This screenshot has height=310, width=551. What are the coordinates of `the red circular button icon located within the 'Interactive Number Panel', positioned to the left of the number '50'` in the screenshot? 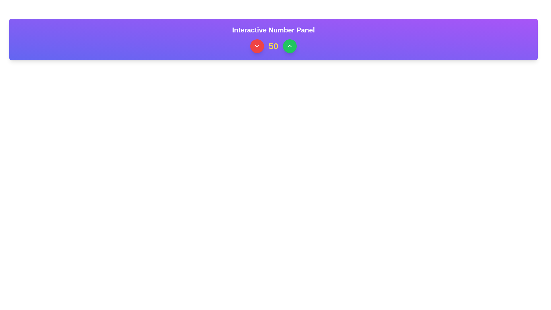 It's located at (257, 46).